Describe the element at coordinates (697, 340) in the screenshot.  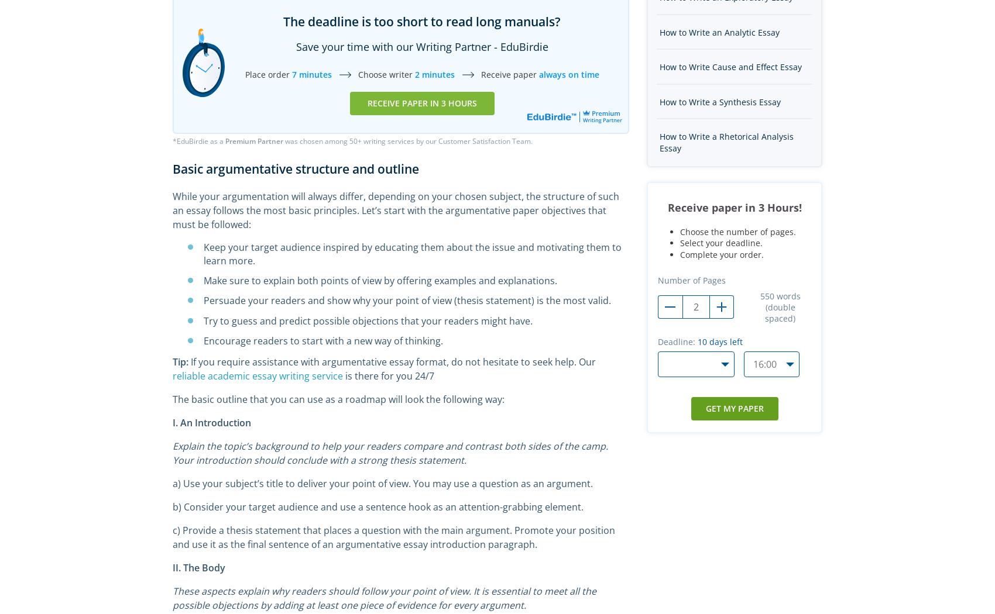
I see `'10'` at that location.